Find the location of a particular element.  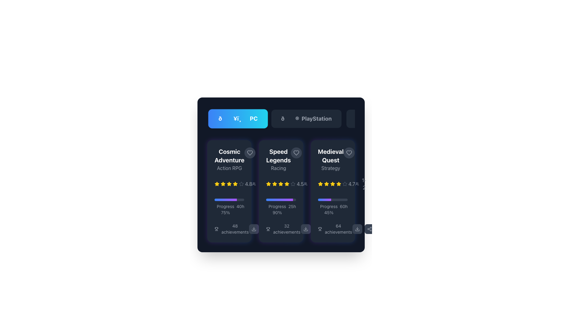

the third yellow star icon in the 'Speed Legends' rating section, positioned beneath the game's title and above the progress bar is located at coordinates (274, 184).